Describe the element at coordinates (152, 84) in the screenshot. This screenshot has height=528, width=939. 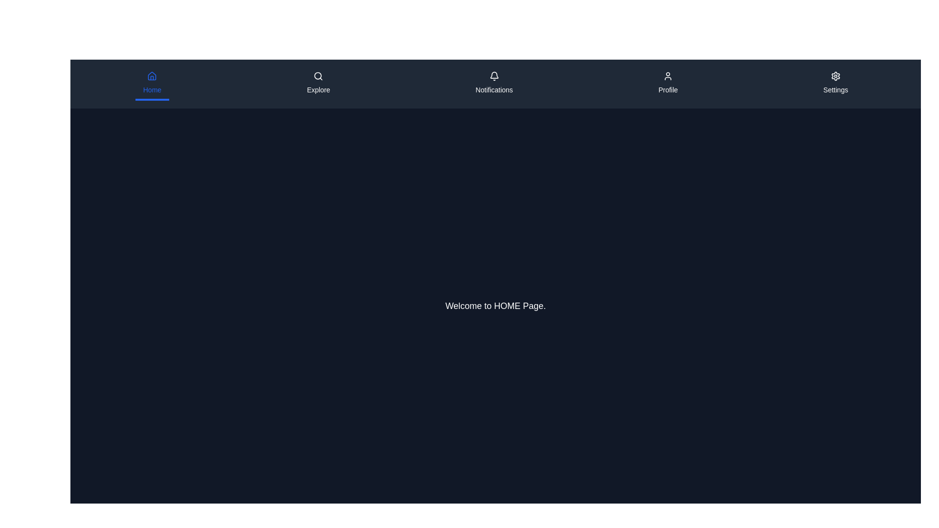
I see `the 'Home' menu item, which is represented by a house icon and labeled 'Home' in blue on a dark background` at that location.